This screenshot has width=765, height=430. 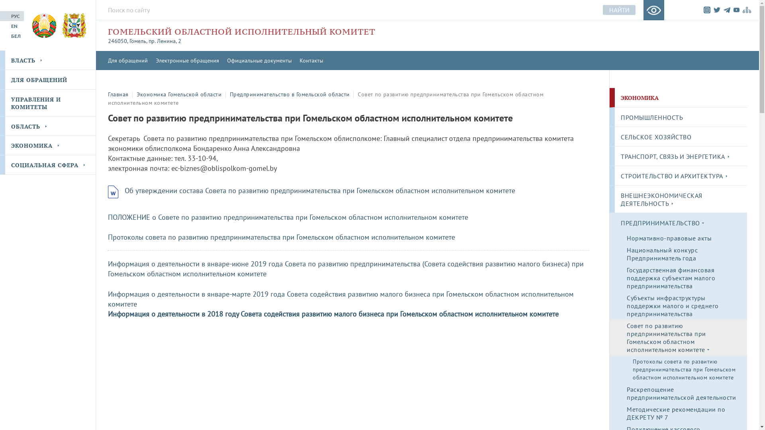 I want to click on 'Twitter', so click(x=717, y=10).